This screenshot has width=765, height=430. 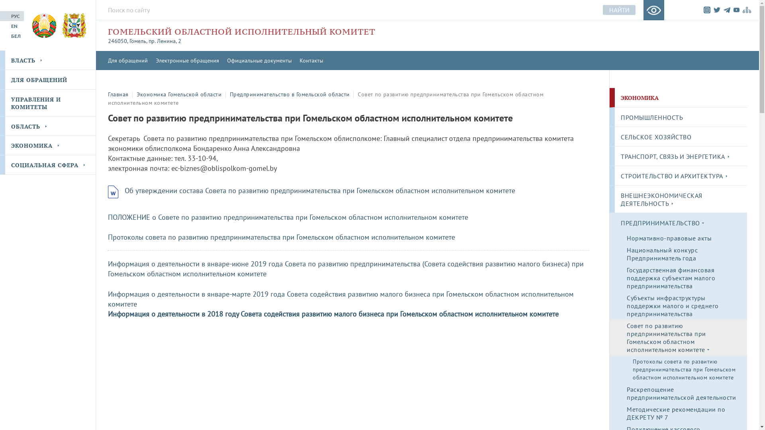 I want to click on 'Twitter', so click(x=717, y=10).